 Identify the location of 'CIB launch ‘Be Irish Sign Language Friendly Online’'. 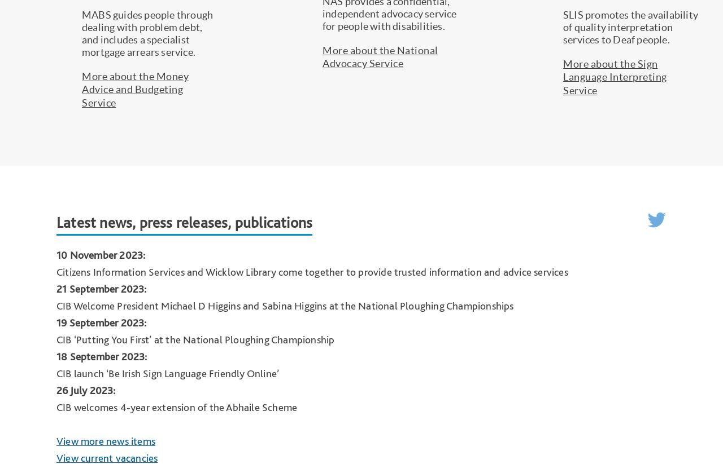
(167, 373).